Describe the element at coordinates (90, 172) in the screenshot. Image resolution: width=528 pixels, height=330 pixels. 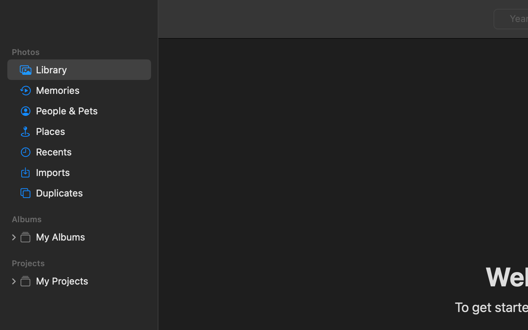
I see `'Imports'` at that location.